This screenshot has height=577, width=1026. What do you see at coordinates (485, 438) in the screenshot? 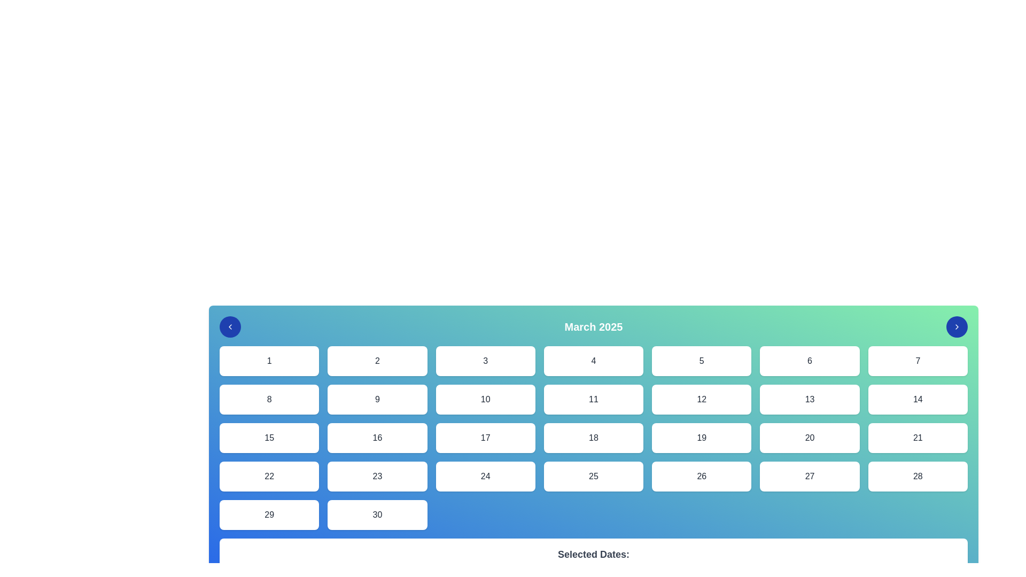
I see `the button displaying '17', which is styled as a white-rounded rectangle with a shadow effect, located in the third row and third column of a calendar grid` at bounding box center [485, 438].